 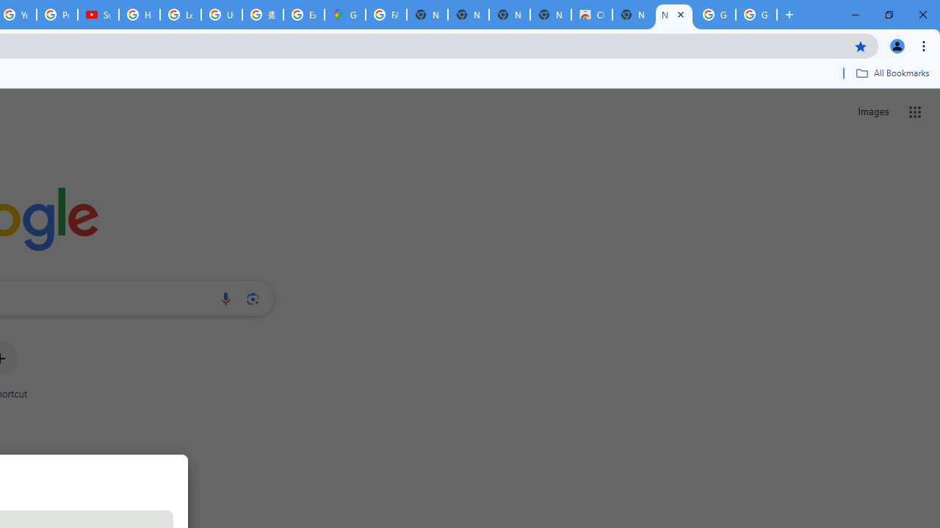 I want to click on 'Chrome Web Store', so click(x=592, y=15).